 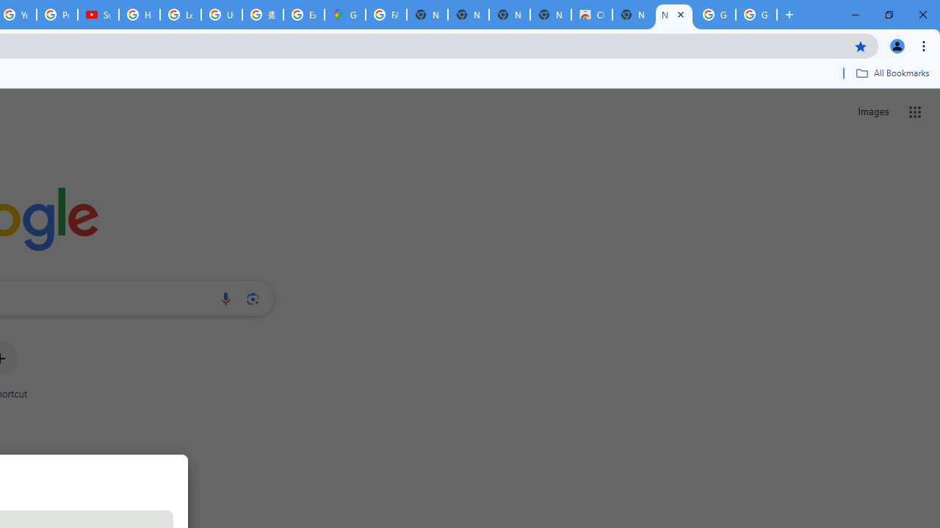 I want to click on 'Chrome Web Store', so click(x=592, y=15).